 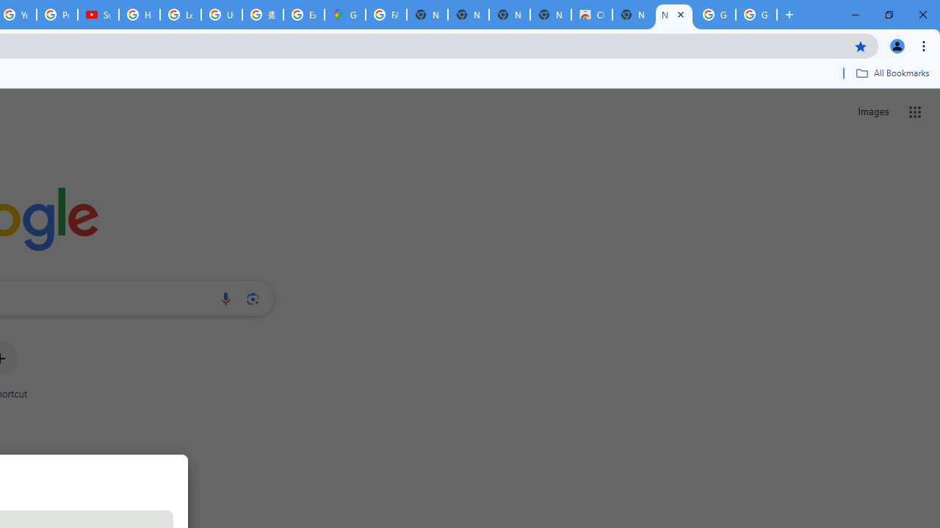 I want to click on 'Chrome Web Store', so click(x=592, y=15).